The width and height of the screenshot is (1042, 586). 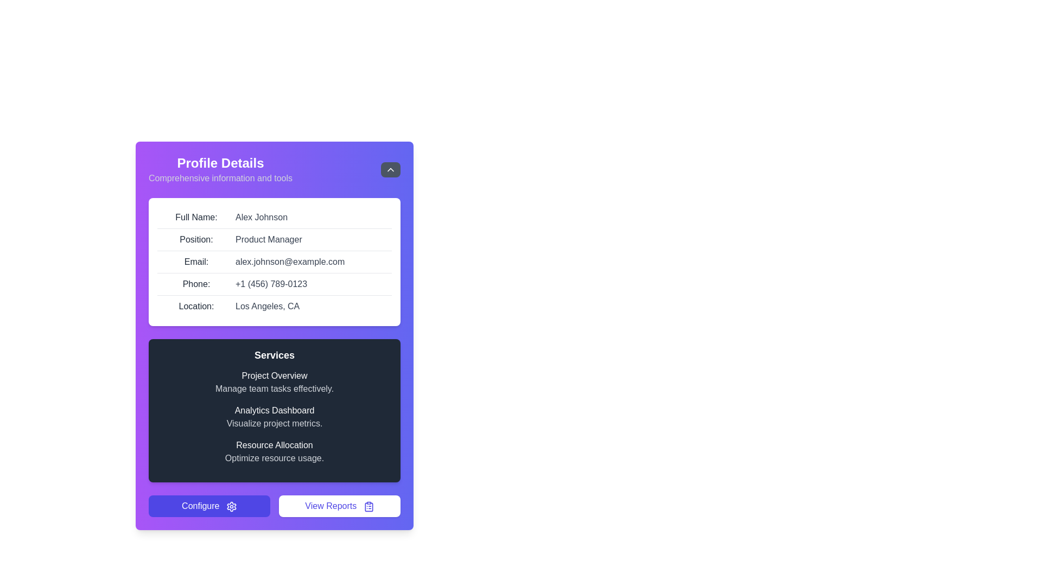 I want to click on the text label pair displaying 'Location: Los Angeles, CA', which is the fifth row in the profile details list, so click(x=274, y=306).